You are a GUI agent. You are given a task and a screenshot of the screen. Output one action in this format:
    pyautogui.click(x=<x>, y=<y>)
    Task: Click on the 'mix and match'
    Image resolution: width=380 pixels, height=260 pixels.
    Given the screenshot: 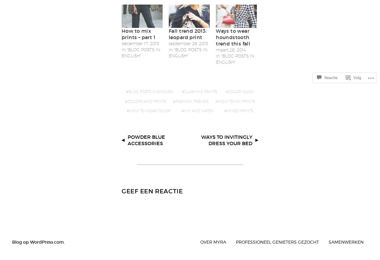 What is the action you would take?
    pyautogui.click(x=199, y=111)
    